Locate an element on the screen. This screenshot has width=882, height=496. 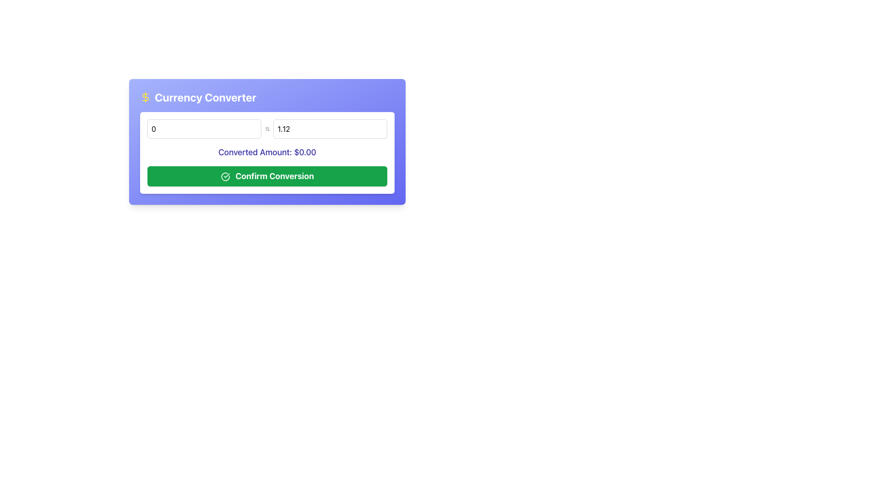
the minimalistic gray left-right arrow icon positioned between two input fields is located at coordinates (266, 129).